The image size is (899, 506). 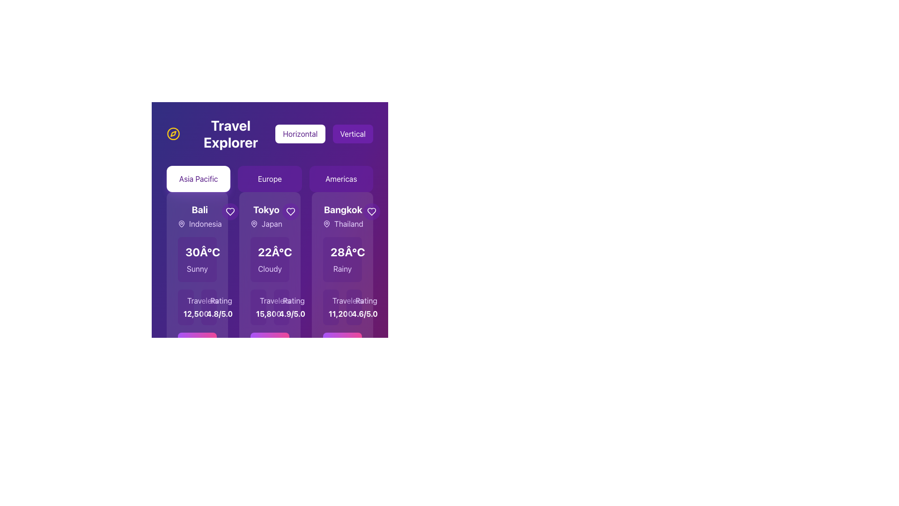 I want to click on the label that indicates the rating information for the Bangkok section, which is positioned above the numerical rating score, so click(x=366, y=300).